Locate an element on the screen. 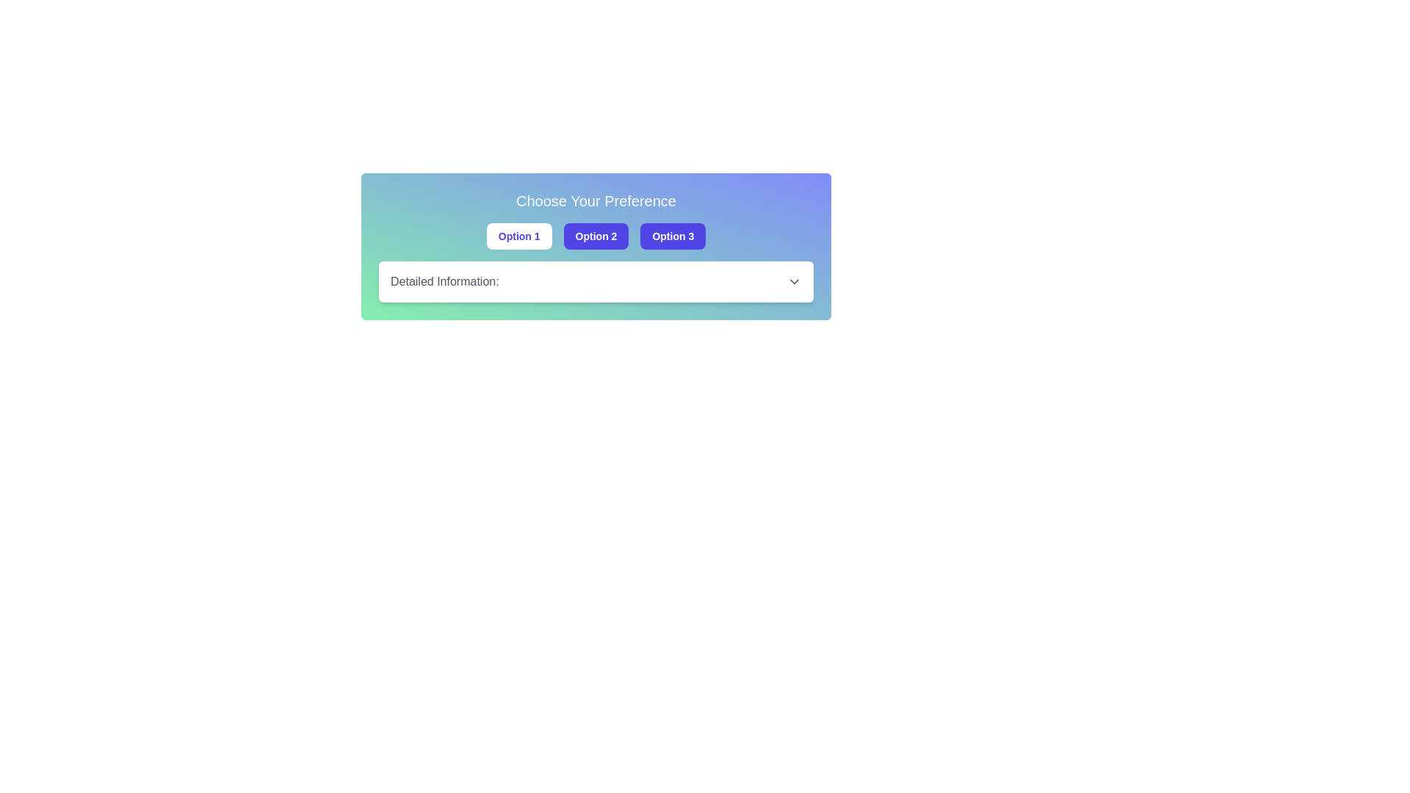  the 'Option 2' button, which is a rounded rectangular button in indigo with white bold text, positioned centrally beneath 'Choose Your Preference' is located at coordinates (596, 235).